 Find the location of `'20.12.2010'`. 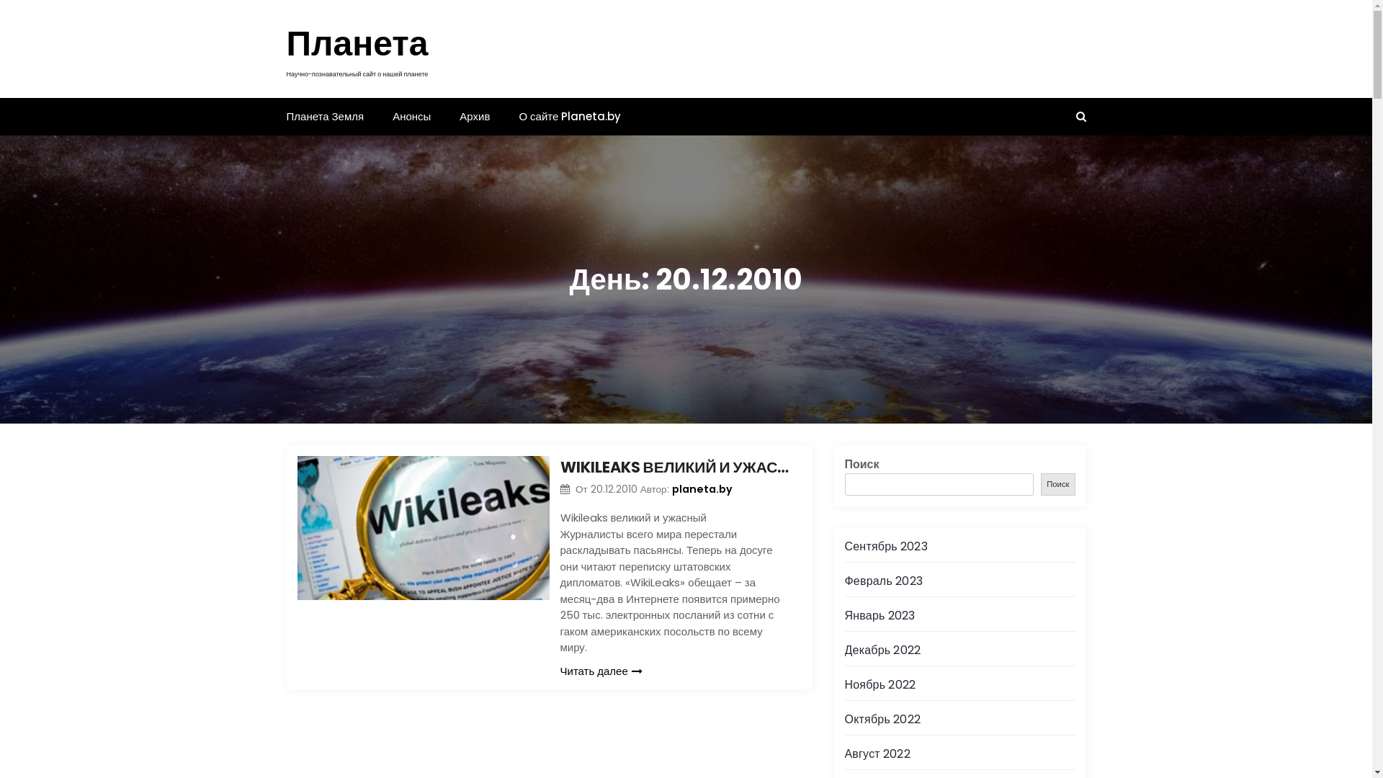

'20.12.2010' is located at coordinates (615, 488).